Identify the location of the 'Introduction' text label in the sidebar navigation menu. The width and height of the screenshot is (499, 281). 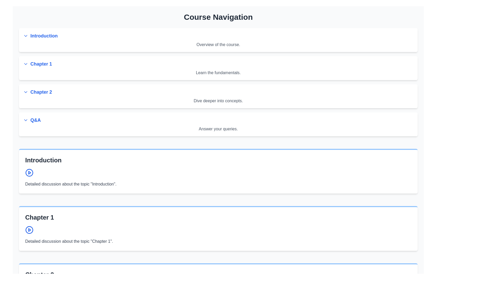
(44, 36).